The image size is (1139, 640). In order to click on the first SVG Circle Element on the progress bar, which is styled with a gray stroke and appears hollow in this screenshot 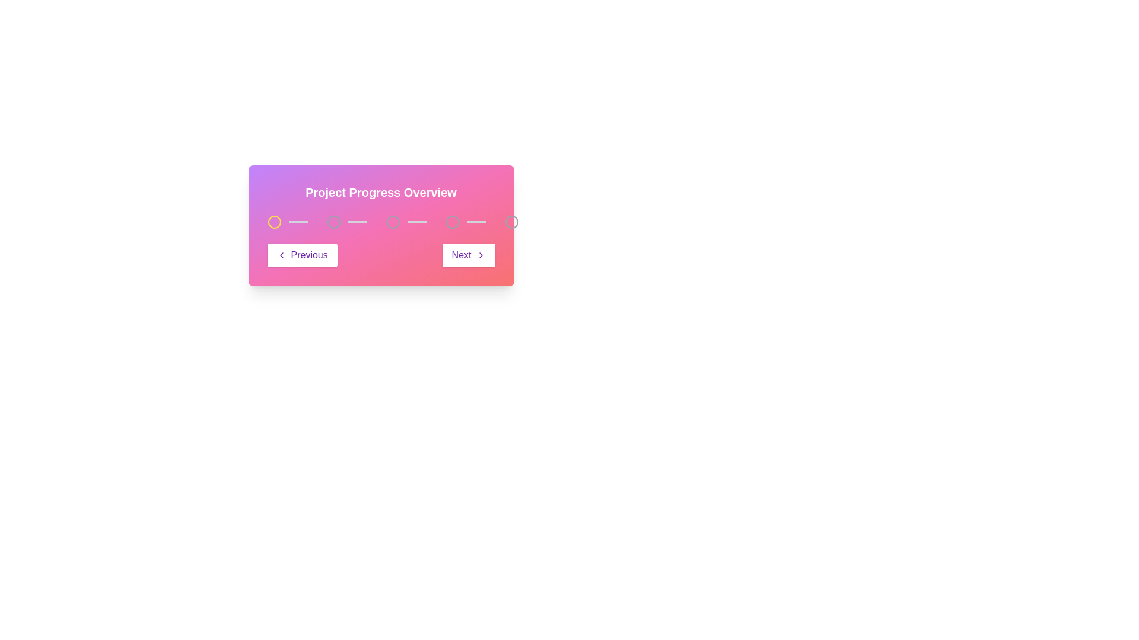, I will do `click(333, 222)`.